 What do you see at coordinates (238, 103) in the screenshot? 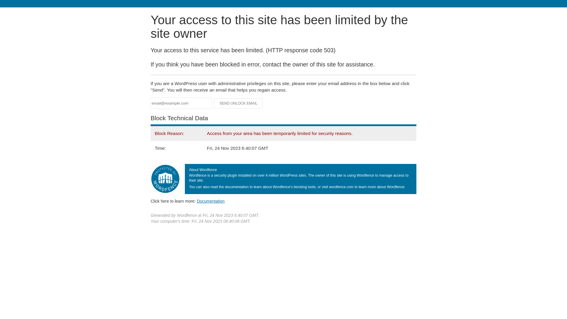
I see `'Send Unlock Email'` at bounding box center [238, 103].